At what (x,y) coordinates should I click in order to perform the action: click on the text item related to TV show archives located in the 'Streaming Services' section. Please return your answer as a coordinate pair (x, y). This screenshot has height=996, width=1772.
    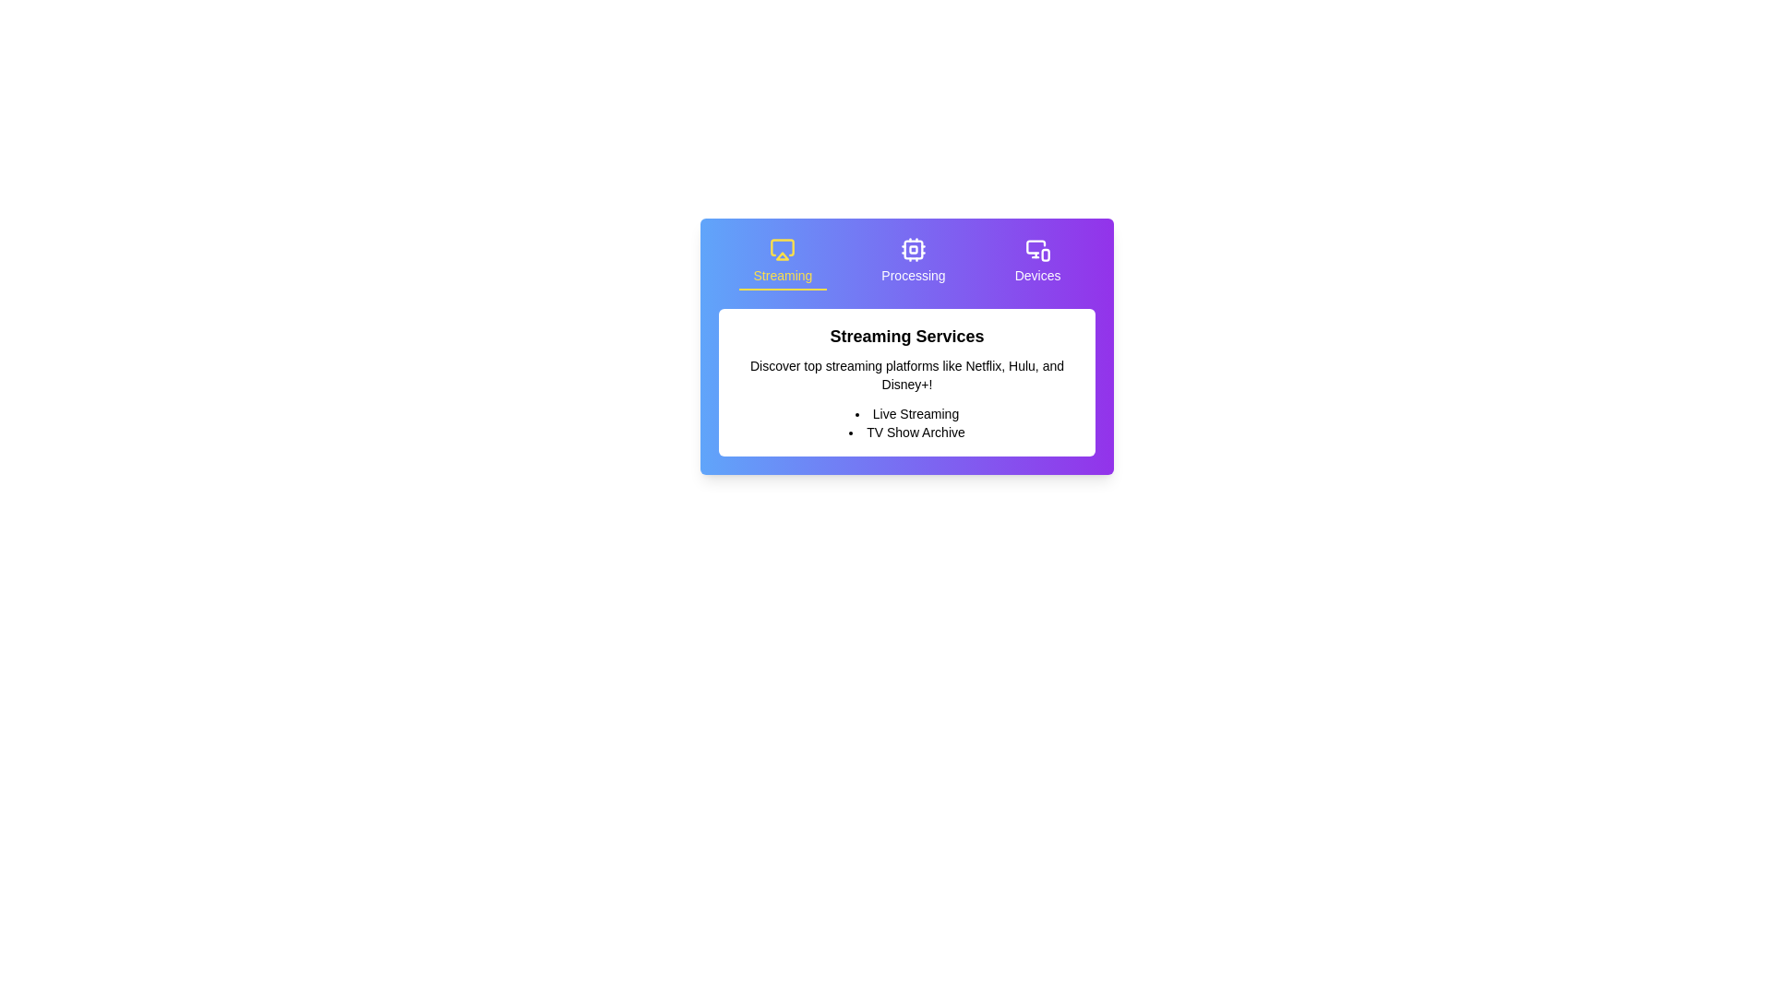
    Looking at the image, I should click on (907, 433).